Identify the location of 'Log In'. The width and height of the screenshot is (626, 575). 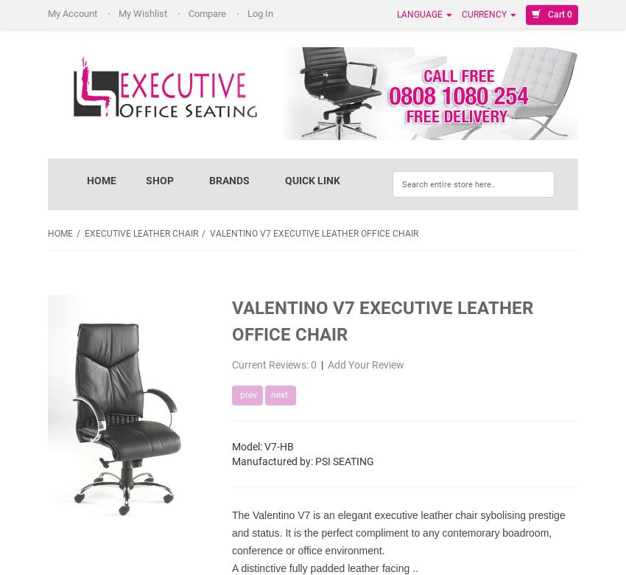
(247, 13).